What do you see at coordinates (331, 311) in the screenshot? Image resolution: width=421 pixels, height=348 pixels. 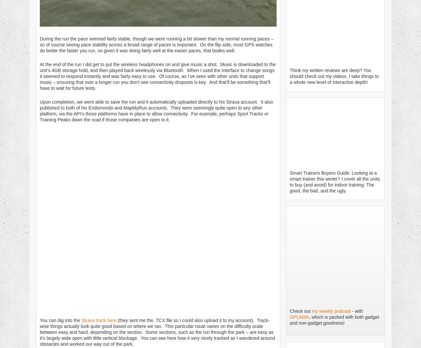 I see `'my weekly podcast'` at bounding box center [331, 311].